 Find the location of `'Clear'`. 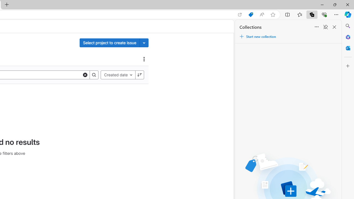

'Clear' is located at coordinates (85, 75).